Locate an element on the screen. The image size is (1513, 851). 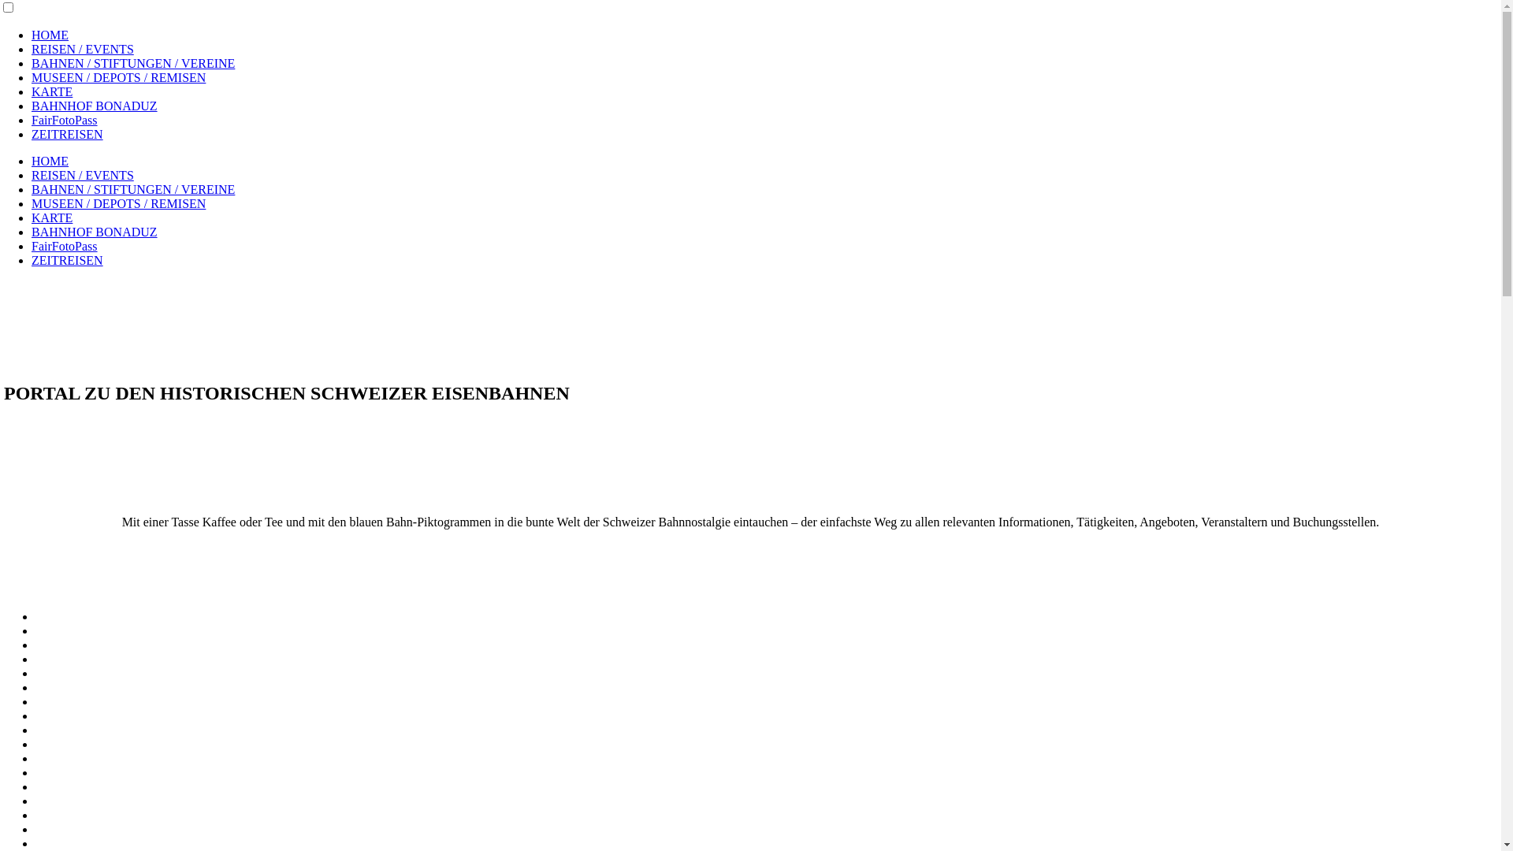
'MUSEEN / DEPOTS / REMISEN' is located at coordinates (117, 203).